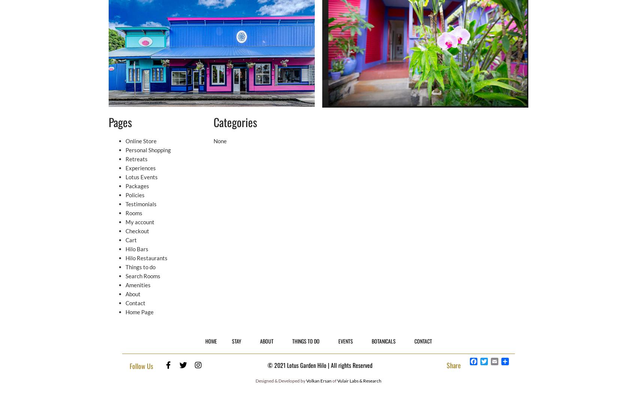 This screenshot has width=637, height=393. What do you see at coordinates (140, 267) in the screenshot?
I see `'Things to do'` at bounding box center [140, 267].